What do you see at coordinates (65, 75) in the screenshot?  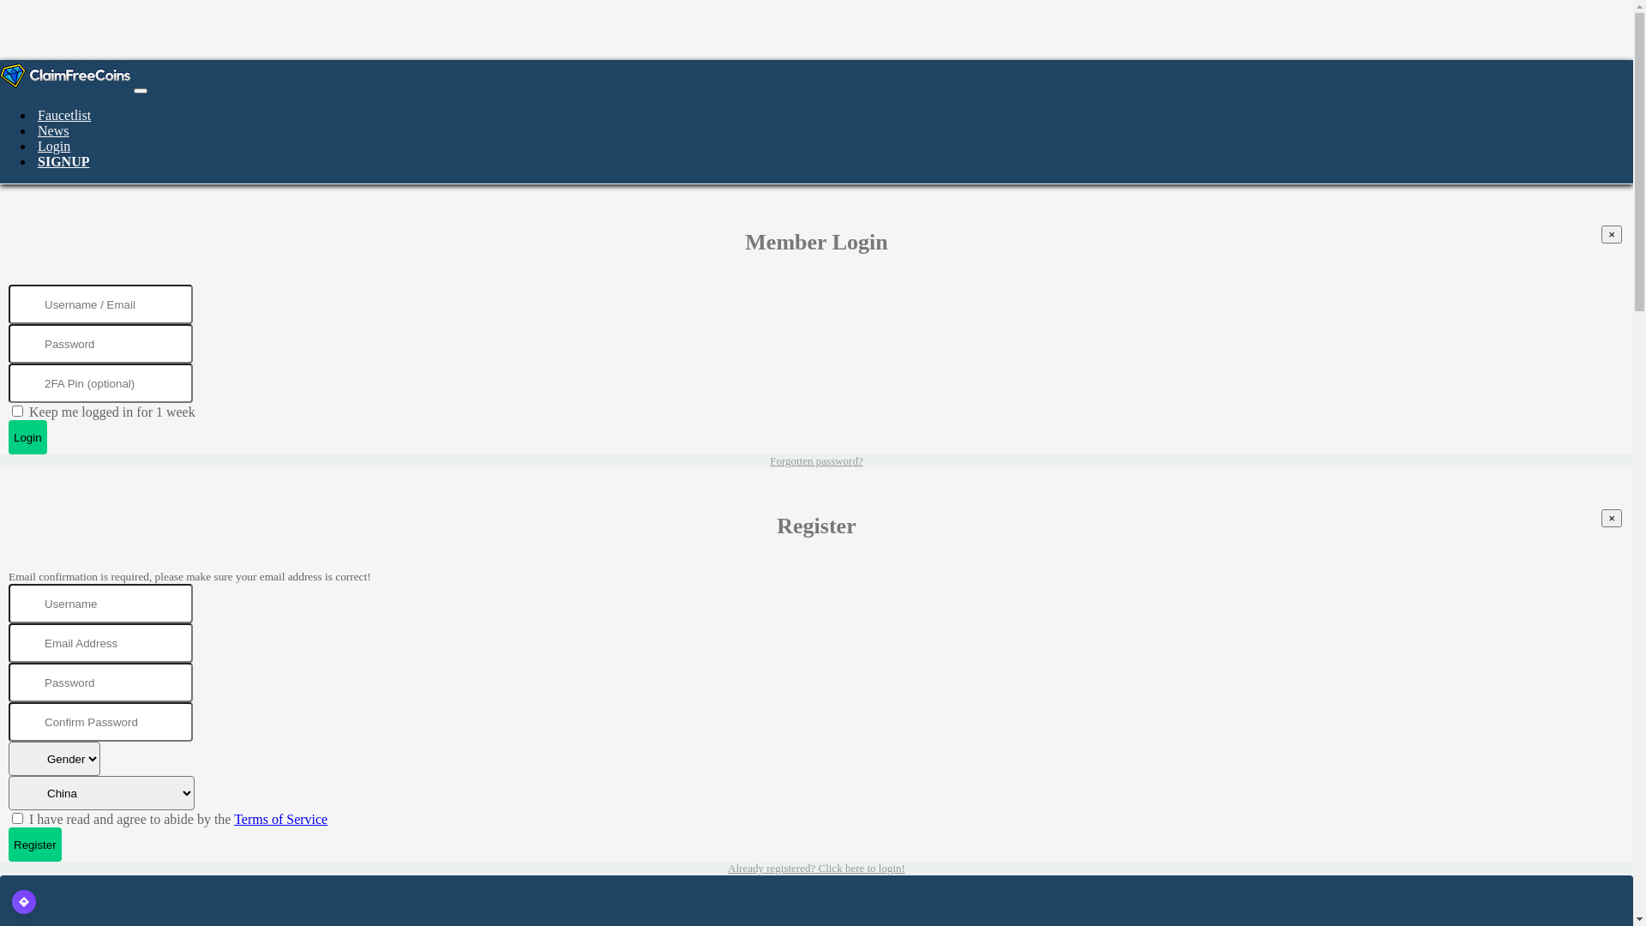 I see `'ClaimFreeCoins'` at bounding box center [65, 75].